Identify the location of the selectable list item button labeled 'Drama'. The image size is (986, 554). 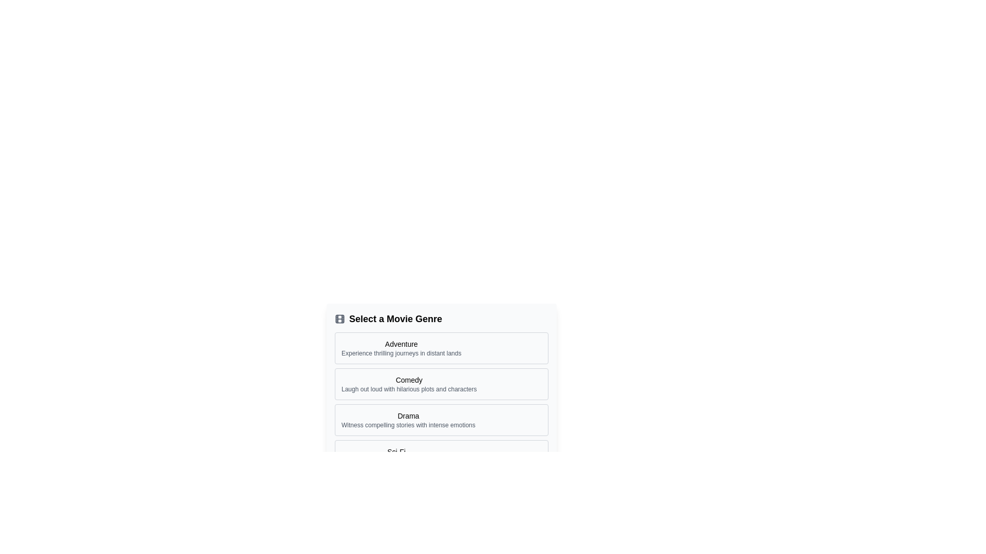
(441, 420).